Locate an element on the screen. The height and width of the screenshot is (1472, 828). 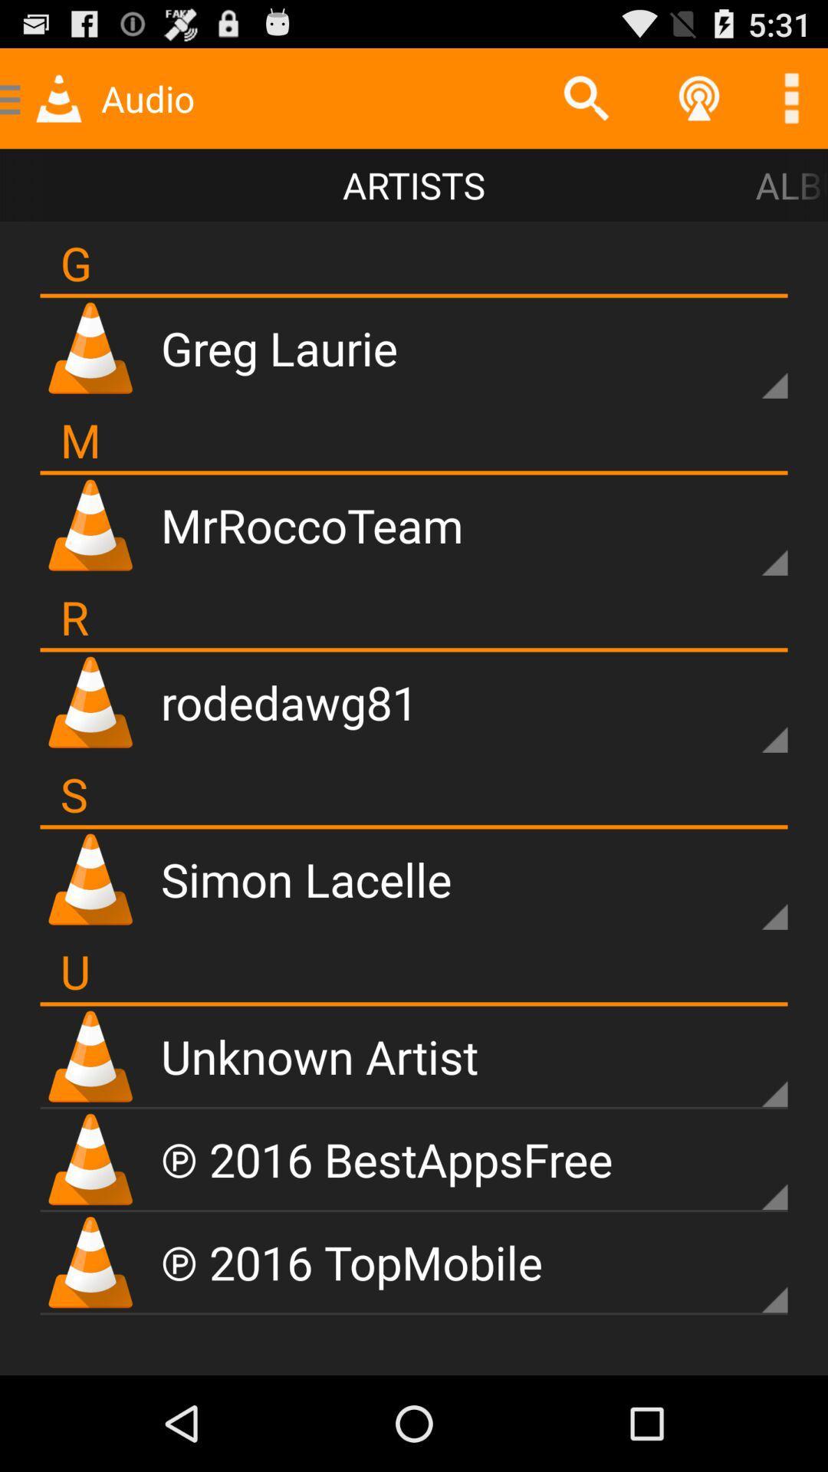
opean songlist for that artist is located at coordinates (747, 359).